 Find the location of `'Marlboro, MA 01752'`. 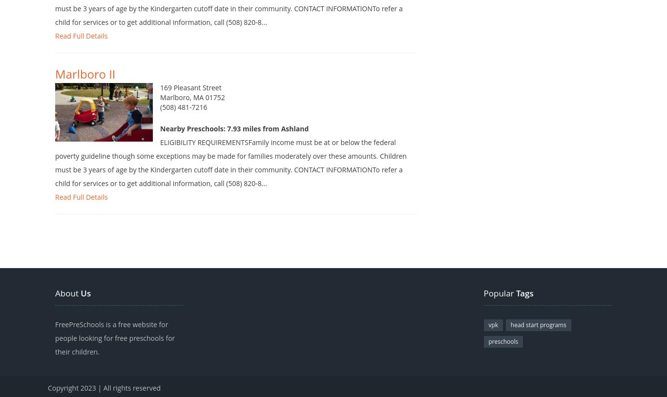

'Marlboro, MA 01752' is located at coordinates (191, 112).